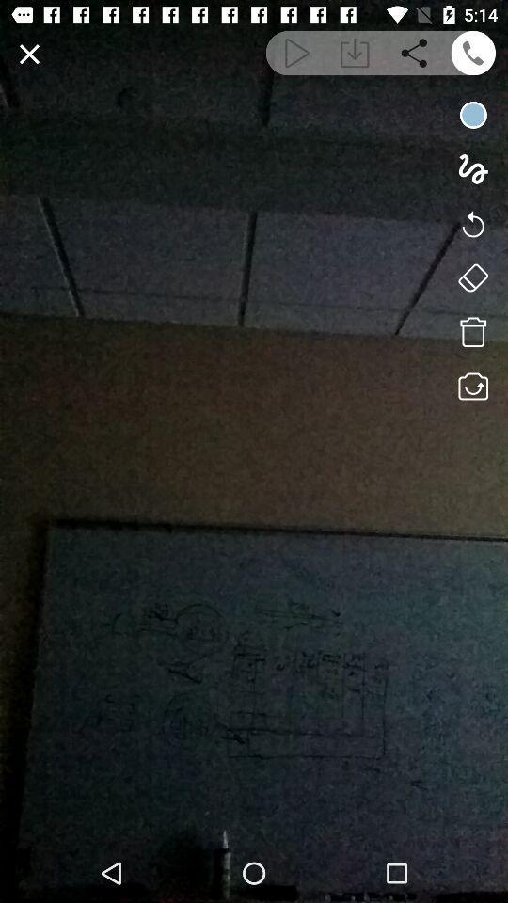  I want to click on close, so click(28, 53).